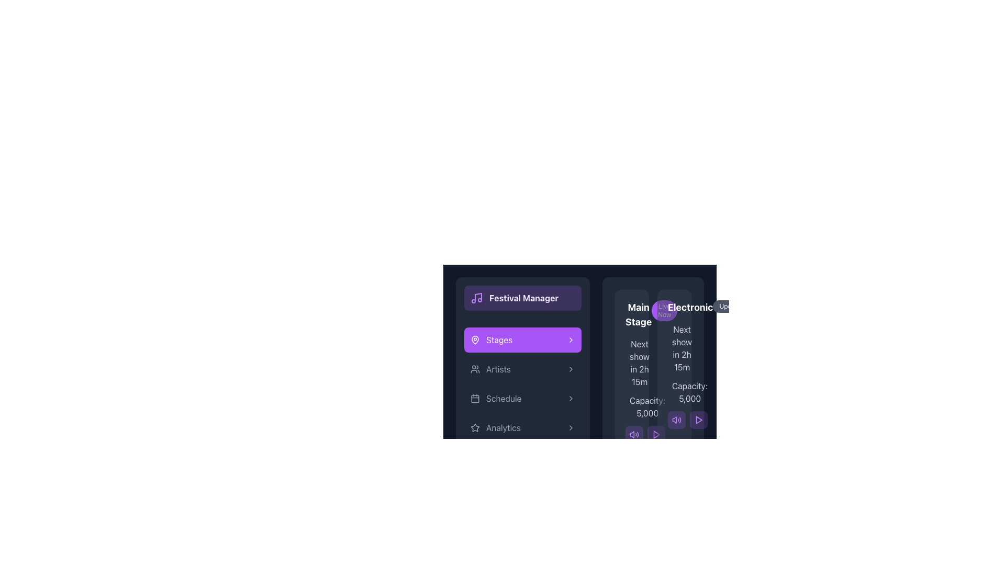 The width and height of the screenshot is (1005, 565). Describe the element at coordinates (631, 434) in the screenshot. I see `the leftmost audio control button located below the 'Electronic' text in the second card of the interface` at that location.